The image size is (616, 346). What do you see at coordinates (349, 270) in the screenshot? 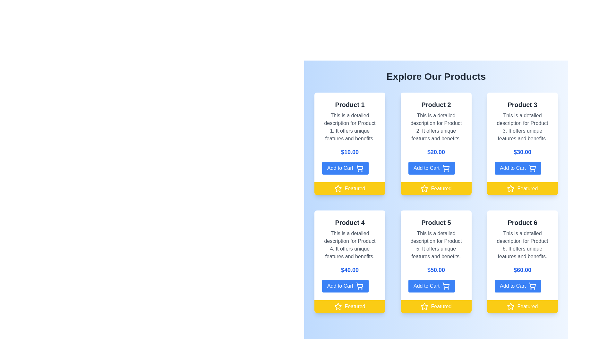
I see `the Text Label displaying the price for 'Product 4', which is centrally located below the product title and above the 'Add to Cart' button` at bounding box center [349, 270].